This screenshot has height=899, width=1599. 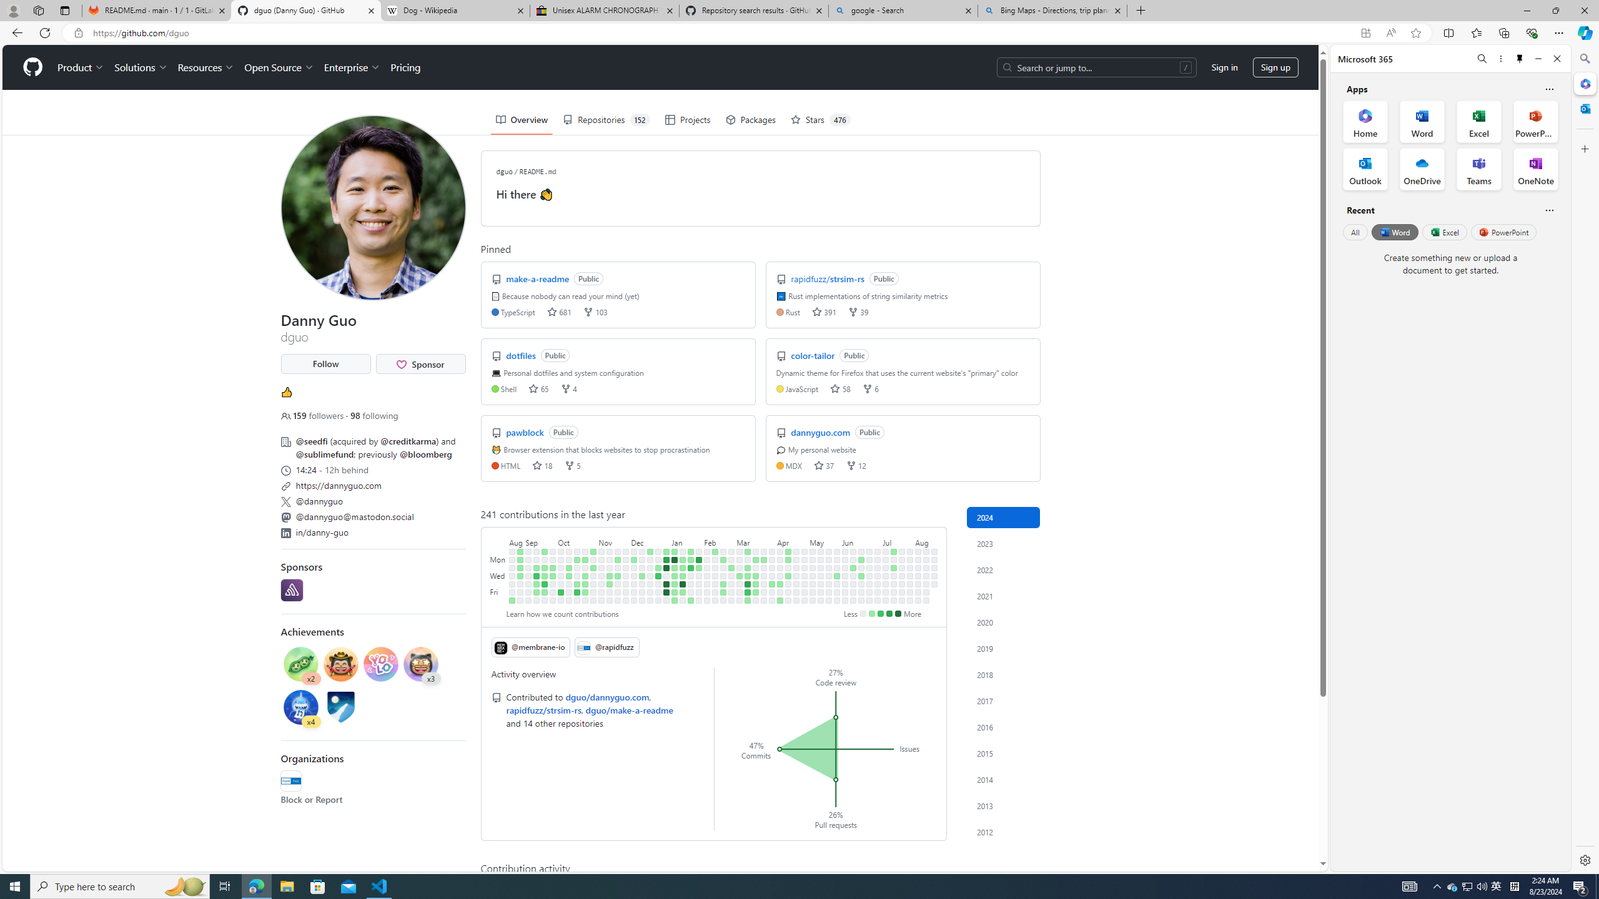 What do you see at coordinates (613, 540) in the screenshot?
I see `'November'` at bounding box center [613, 540].